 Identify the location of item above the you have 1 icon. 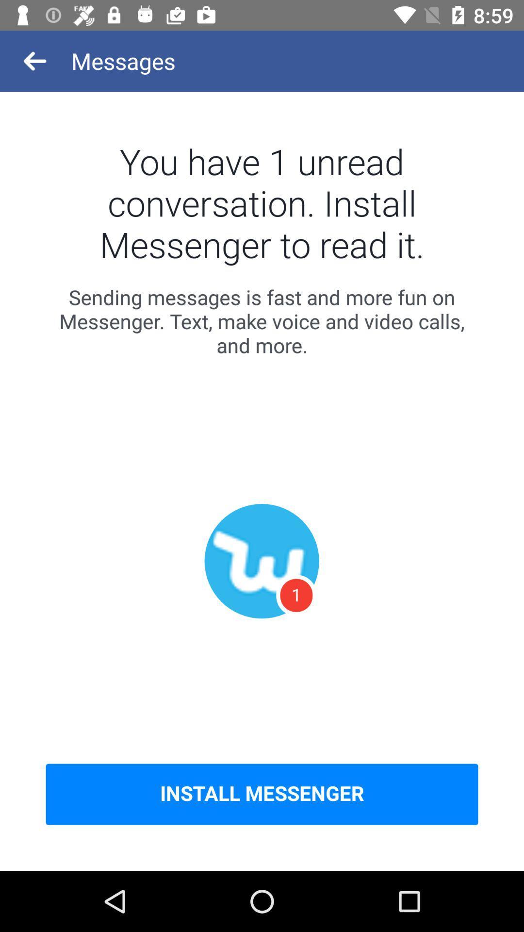
(35, 60).